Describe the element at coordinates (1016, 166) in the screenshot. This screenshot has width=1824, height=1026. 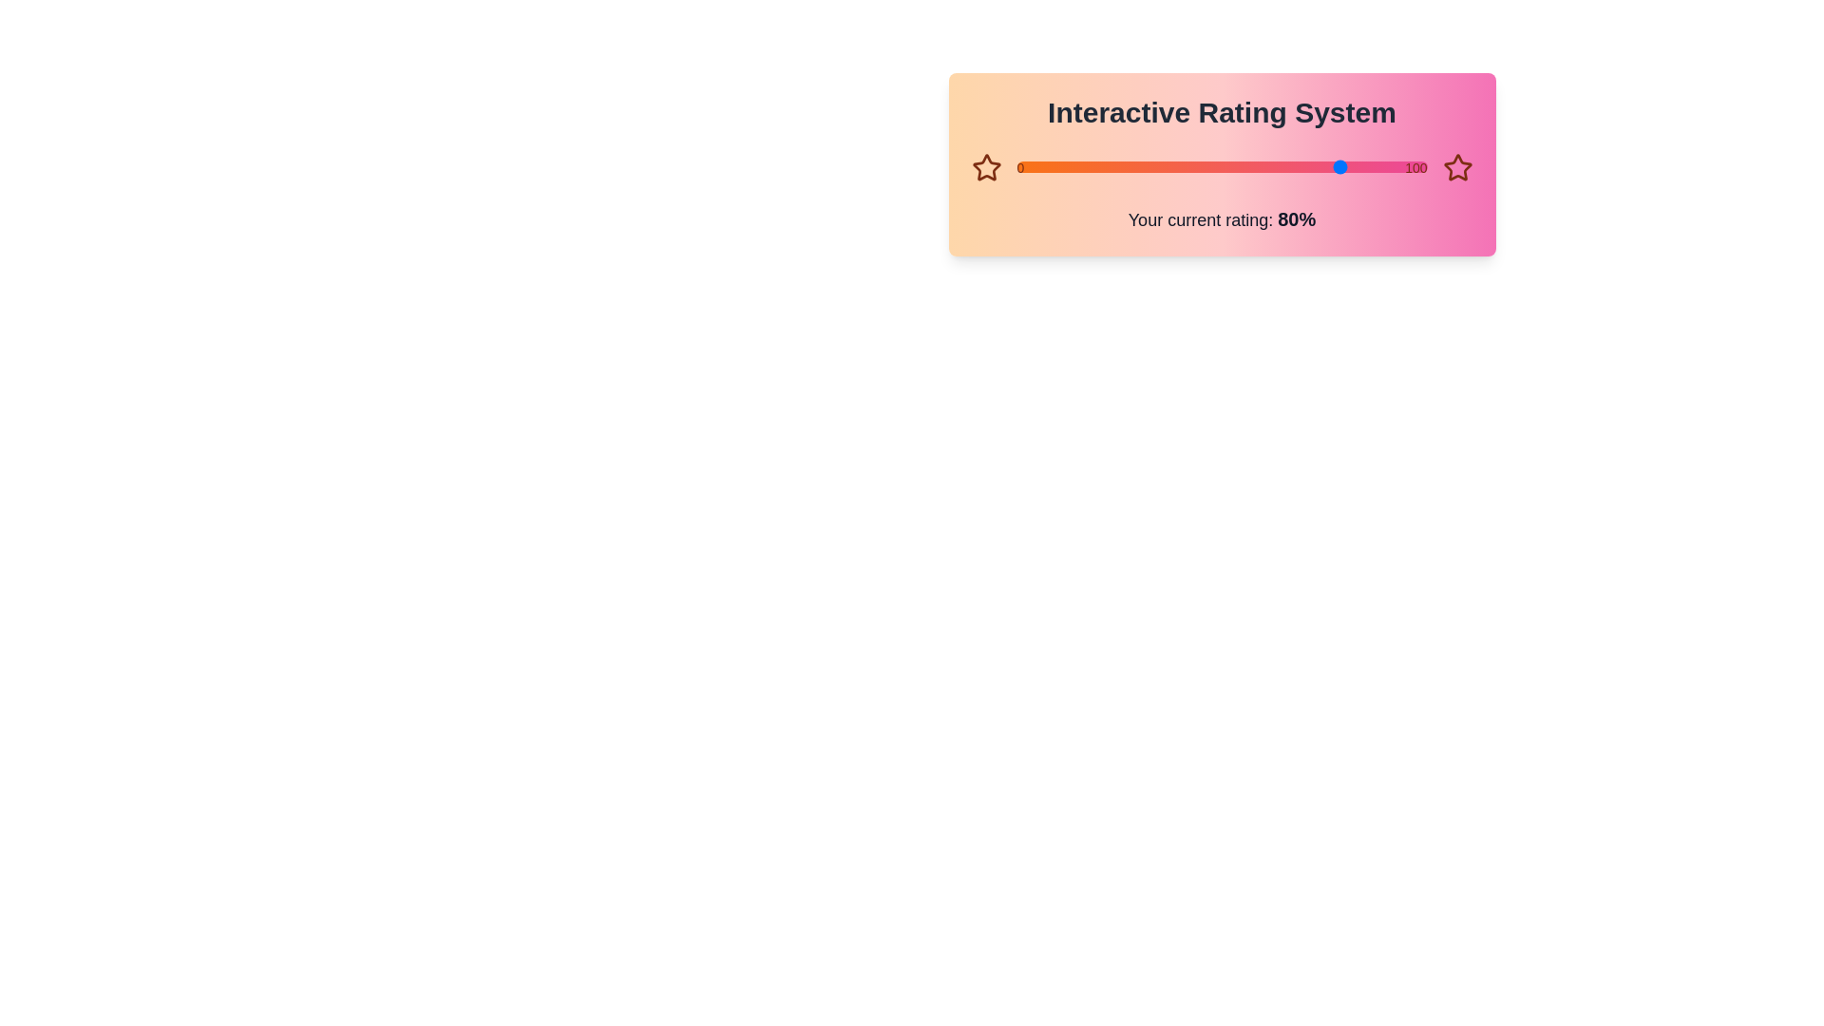
I see `the rating slider to set the rating to 0%` at that location.